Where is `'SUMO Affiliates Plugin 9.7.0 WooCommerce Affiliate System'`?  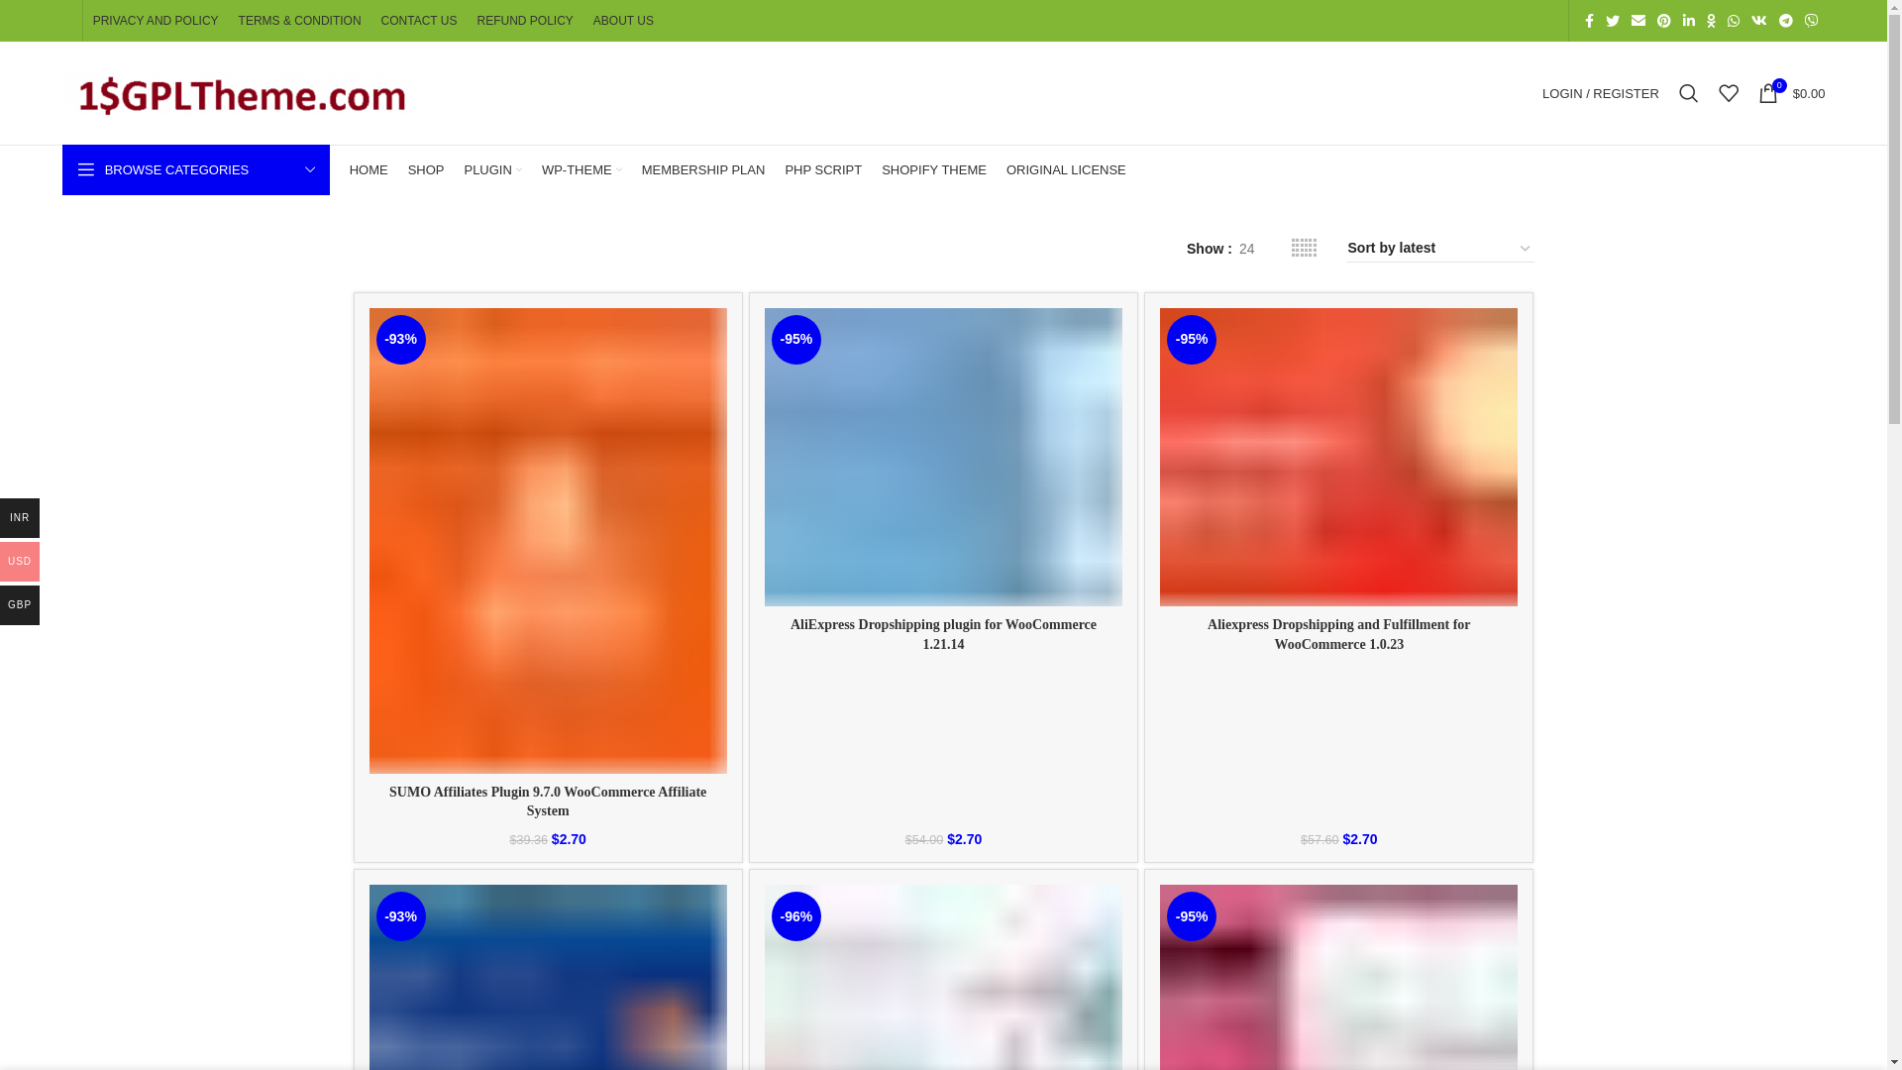 'SUMO Affiliates Plugin 9.7.0 WooCommerce Affiliate System' is located at coordinates (547, 801).